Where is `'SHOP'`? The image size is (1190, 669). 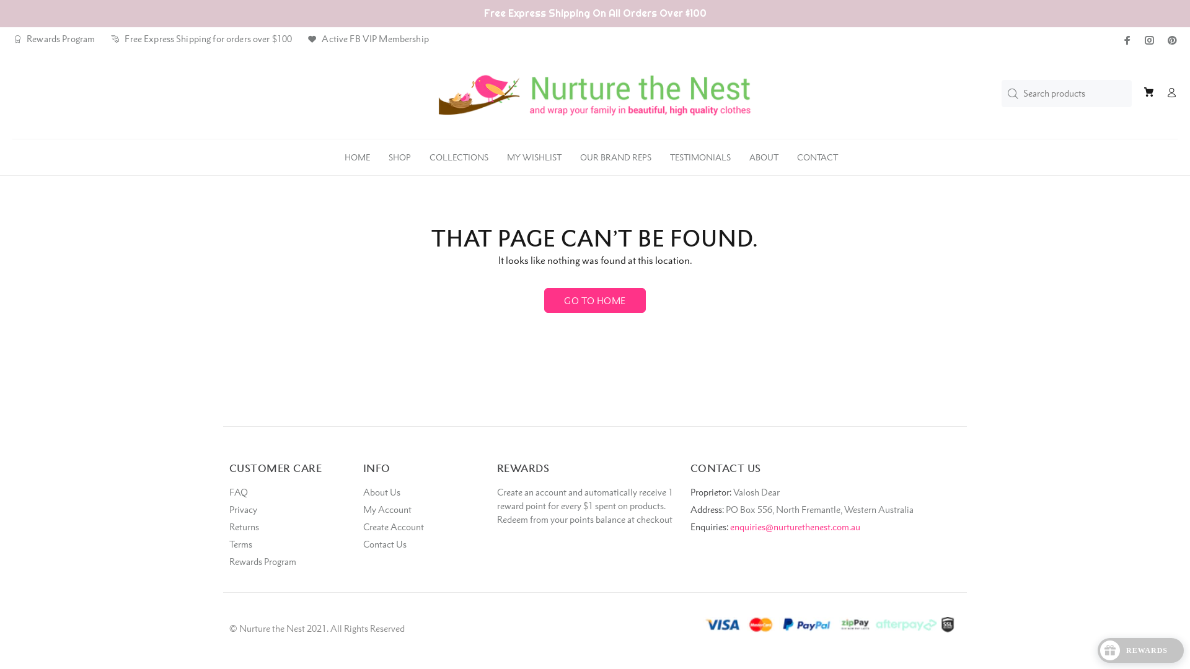
'SHOP' is located at coordinates (378, 154).